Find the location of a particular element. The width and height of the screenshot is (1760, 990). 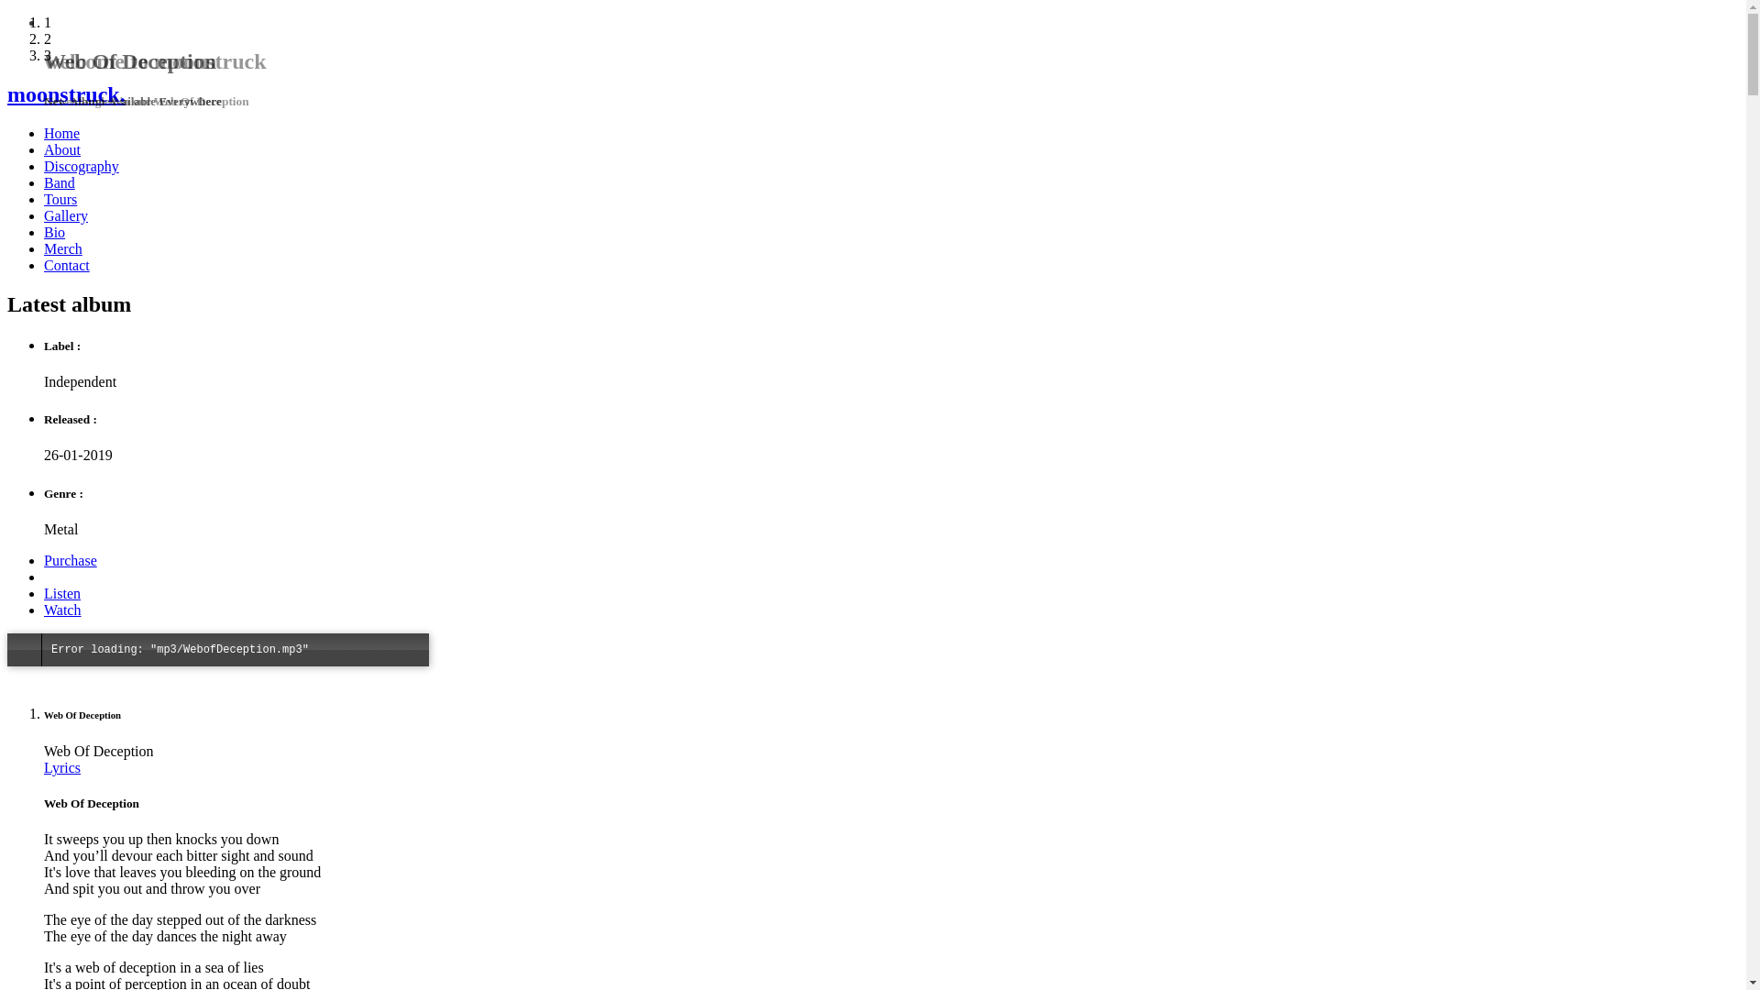

'Bio' is located at coordinates (54, 231).